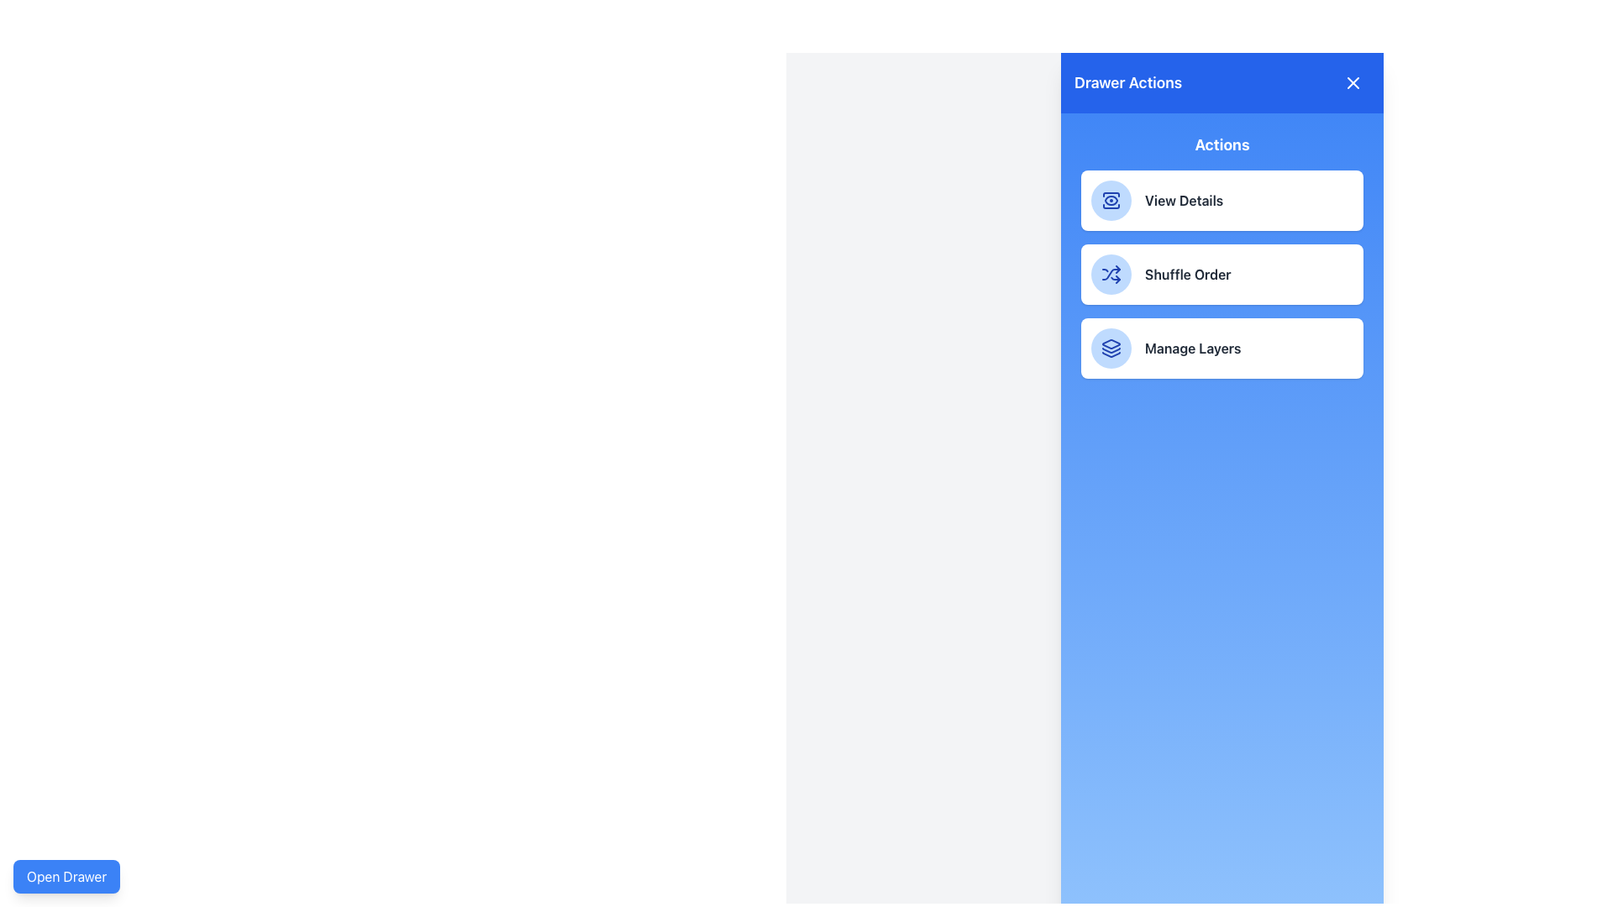  What do you see at coordinates (1222, 255) in the screenshot?
I see `the second list item labeled 'Shuffle Order' in the 'Actions' panel` at bounding box center [1222, 255].